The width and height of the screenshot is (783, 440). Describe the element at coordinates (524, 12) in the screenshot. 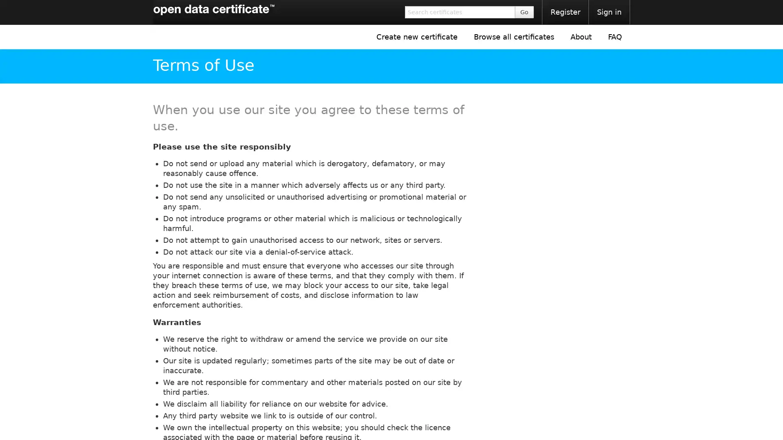

I see `Go` at that location.